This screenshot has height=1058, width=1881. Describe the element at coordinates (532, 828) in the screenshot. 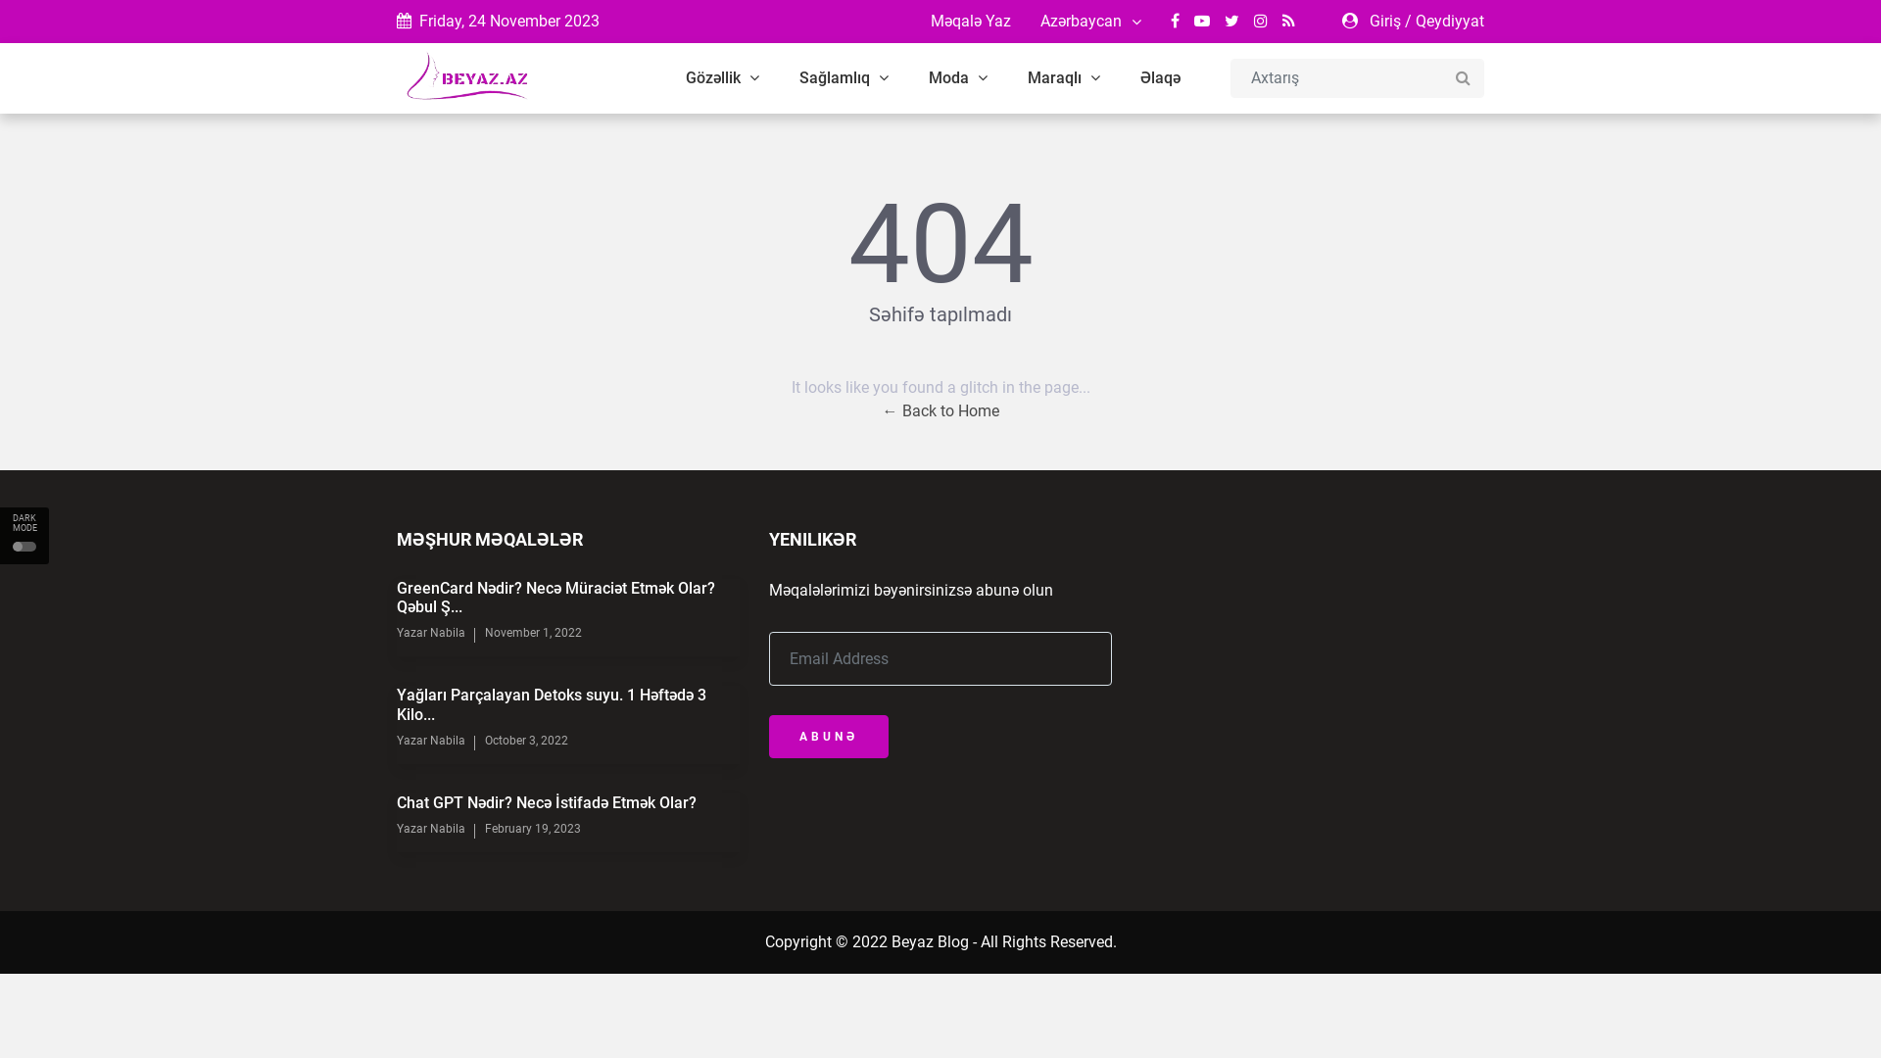

I see `'February 19, 2023'` at that location.